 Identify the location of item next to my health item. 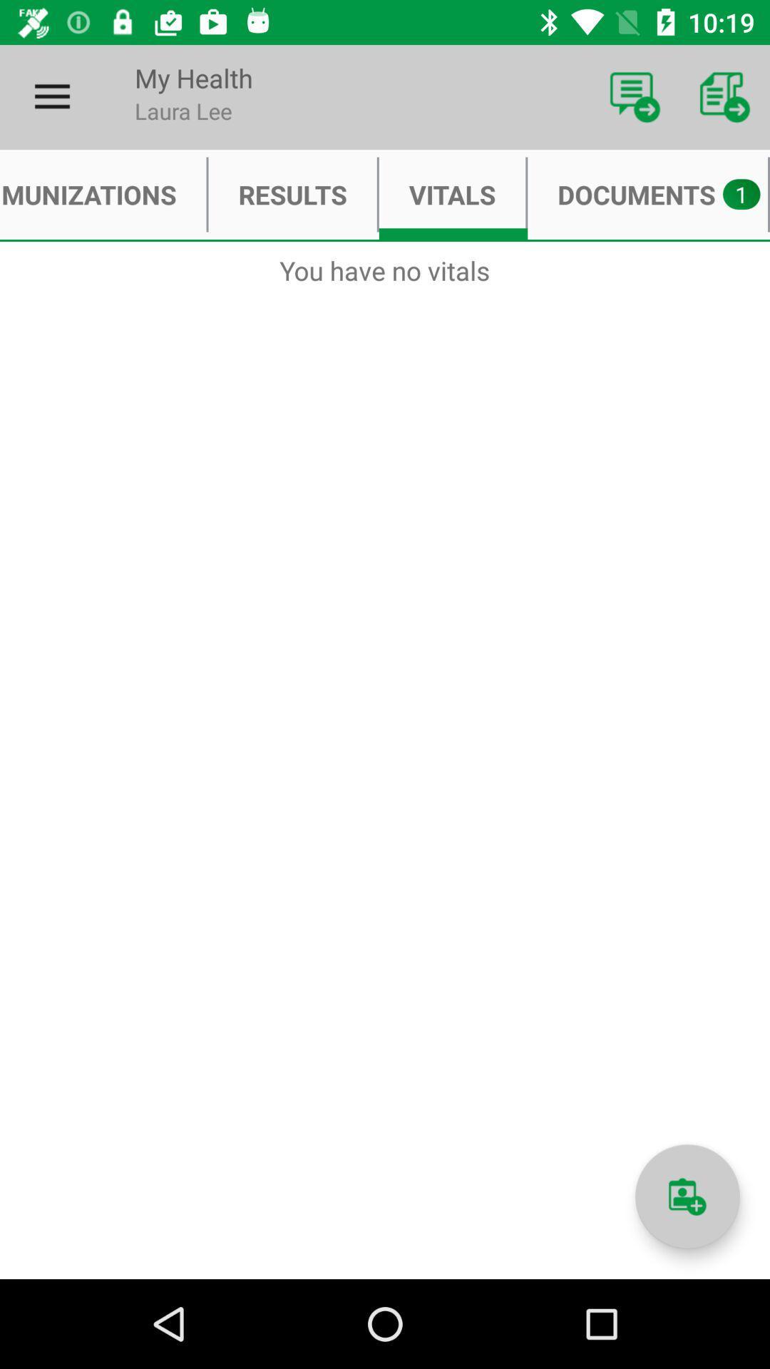
(635, 96).